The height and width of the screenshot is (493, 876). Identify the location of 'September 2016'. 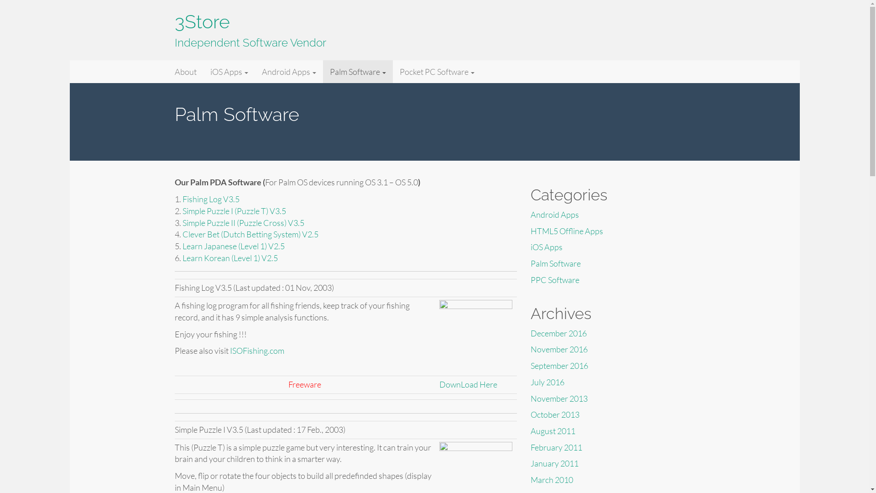
(558, 365).